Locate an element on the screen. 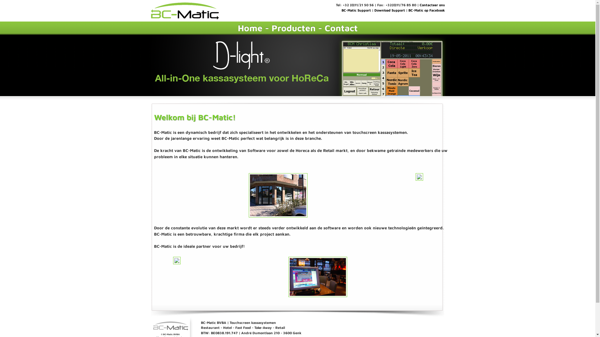 The image size is (600, 337). 'BC-Matic op Facebook' is located at coordinates (426, 10).